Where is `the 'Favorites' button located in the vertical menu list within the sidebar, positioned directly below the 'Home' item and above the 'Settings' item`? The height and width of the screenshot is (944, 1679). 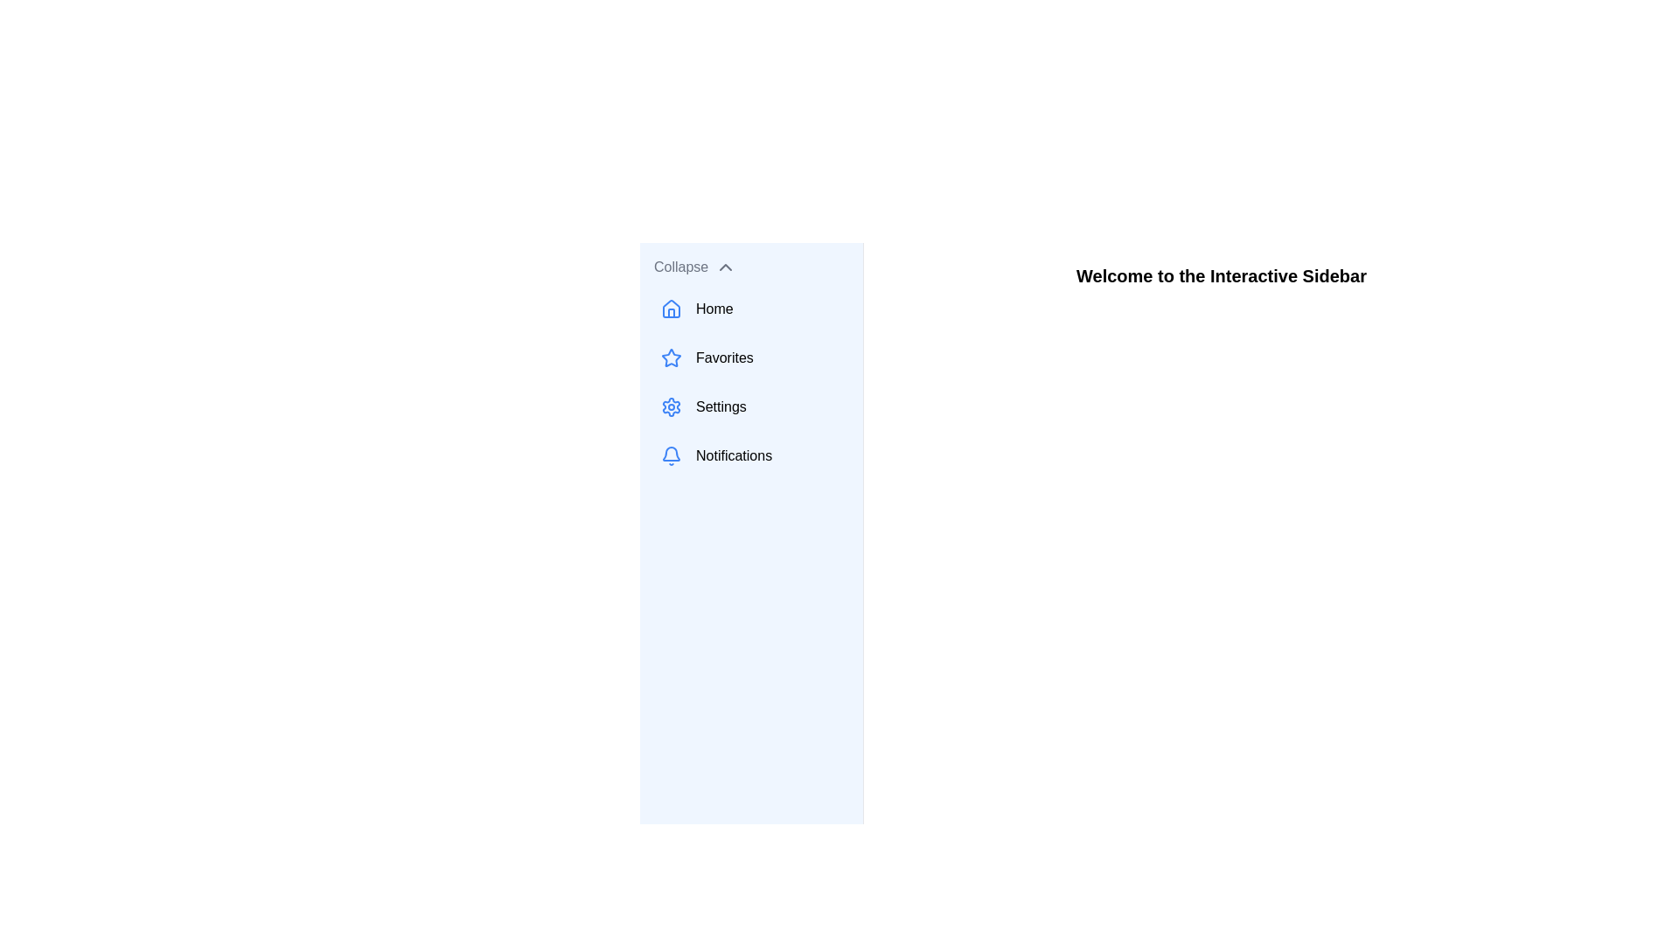 the 'Favorites' button located in the vertical menu list within the sidebar, positioned directly below the 'Home' item and above the 'Settings' item is located at coordinates (751, 357).